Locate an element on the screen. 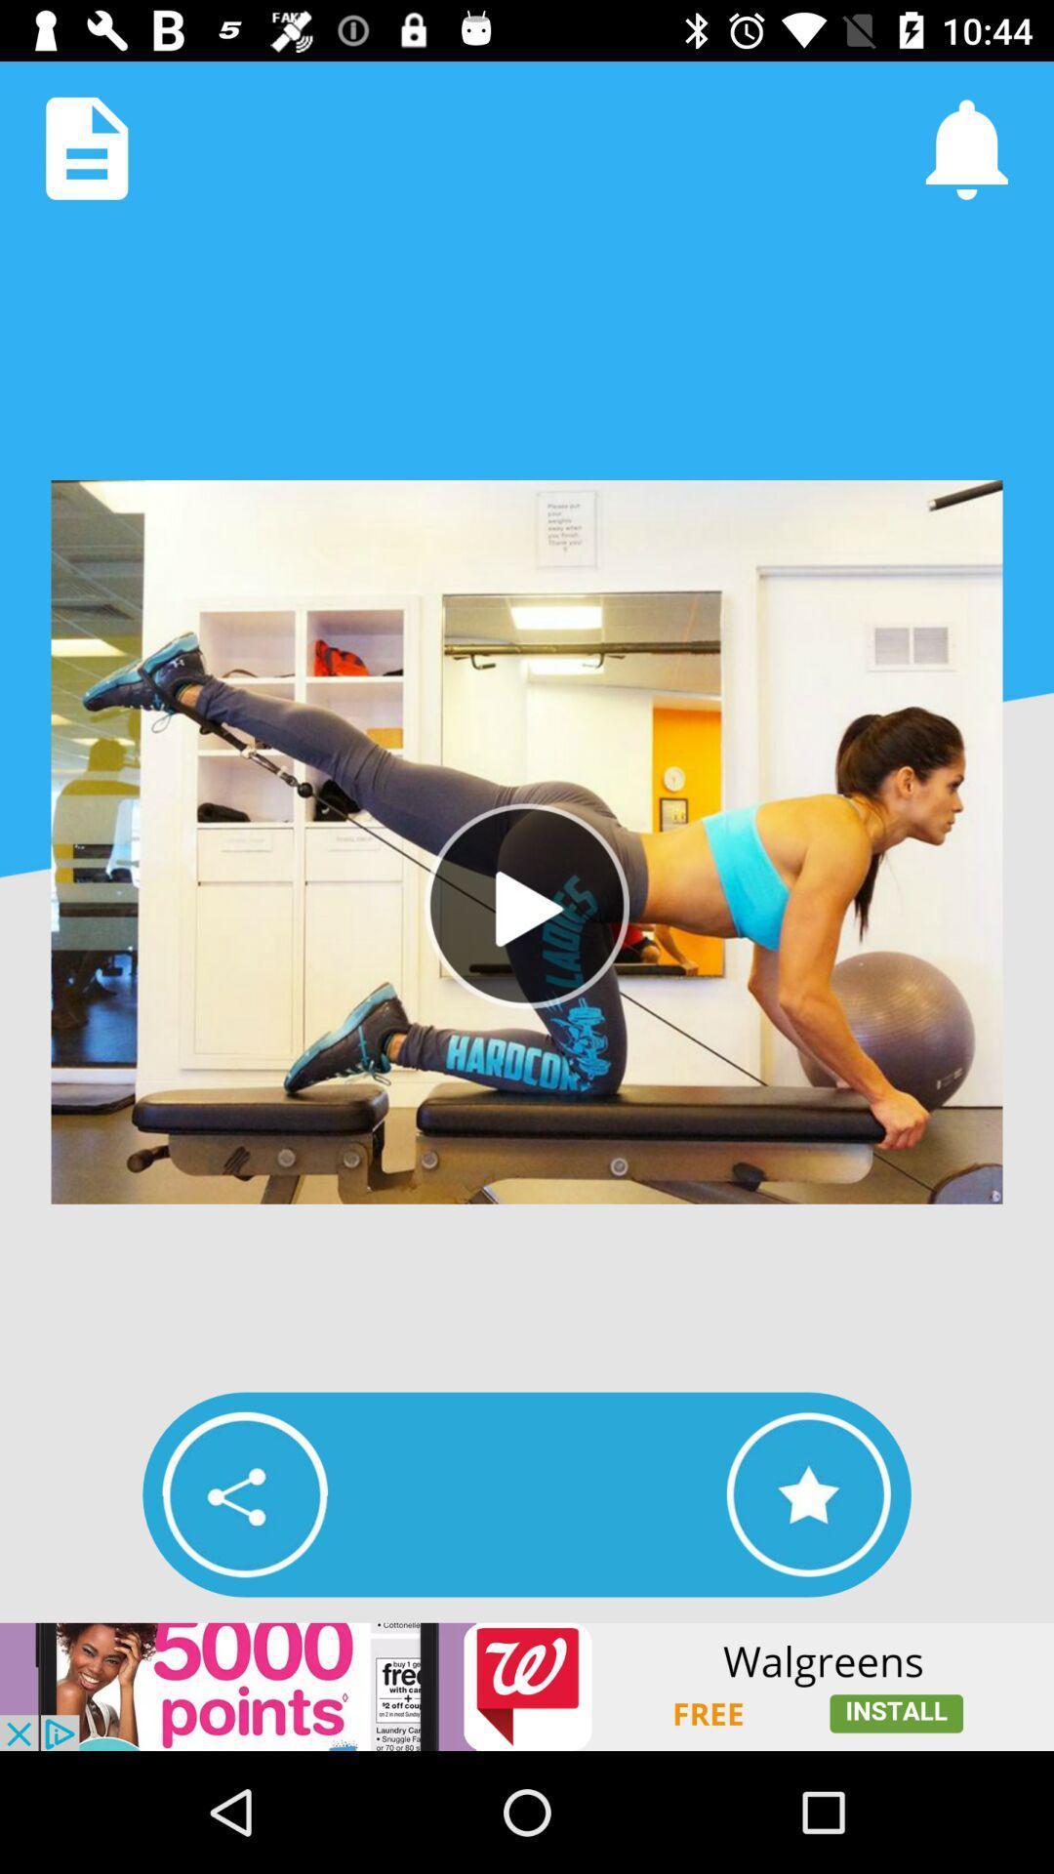  the description icon is located at coordinates (86, 147).